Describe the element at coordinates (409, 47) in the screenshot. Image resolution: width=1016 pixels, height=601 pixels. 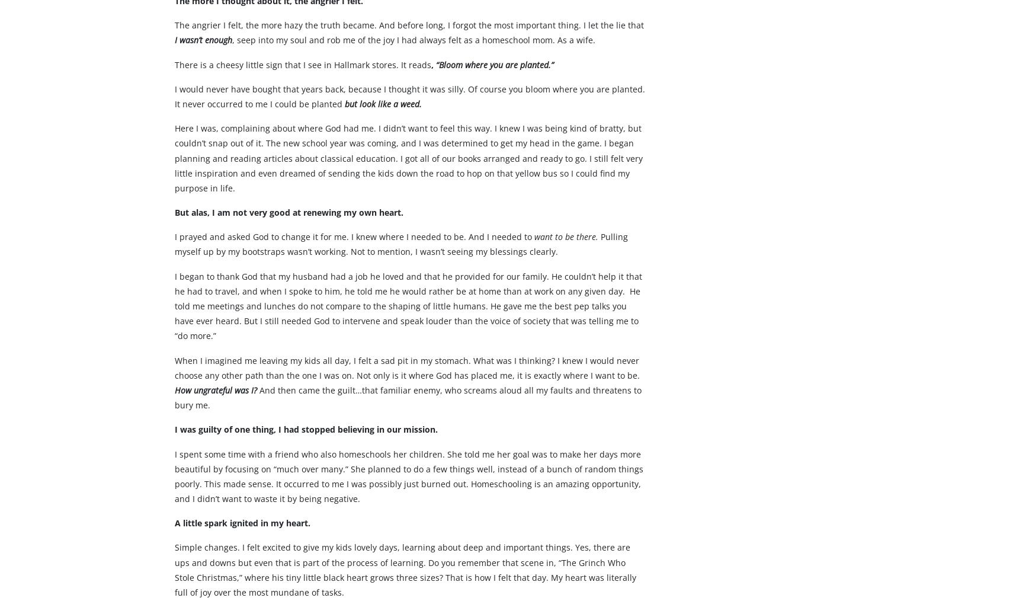
I see `'The angrier I felt, the more hazy the truth became. And before long, I forgot the most important thing. I let the lie that'` at that location.